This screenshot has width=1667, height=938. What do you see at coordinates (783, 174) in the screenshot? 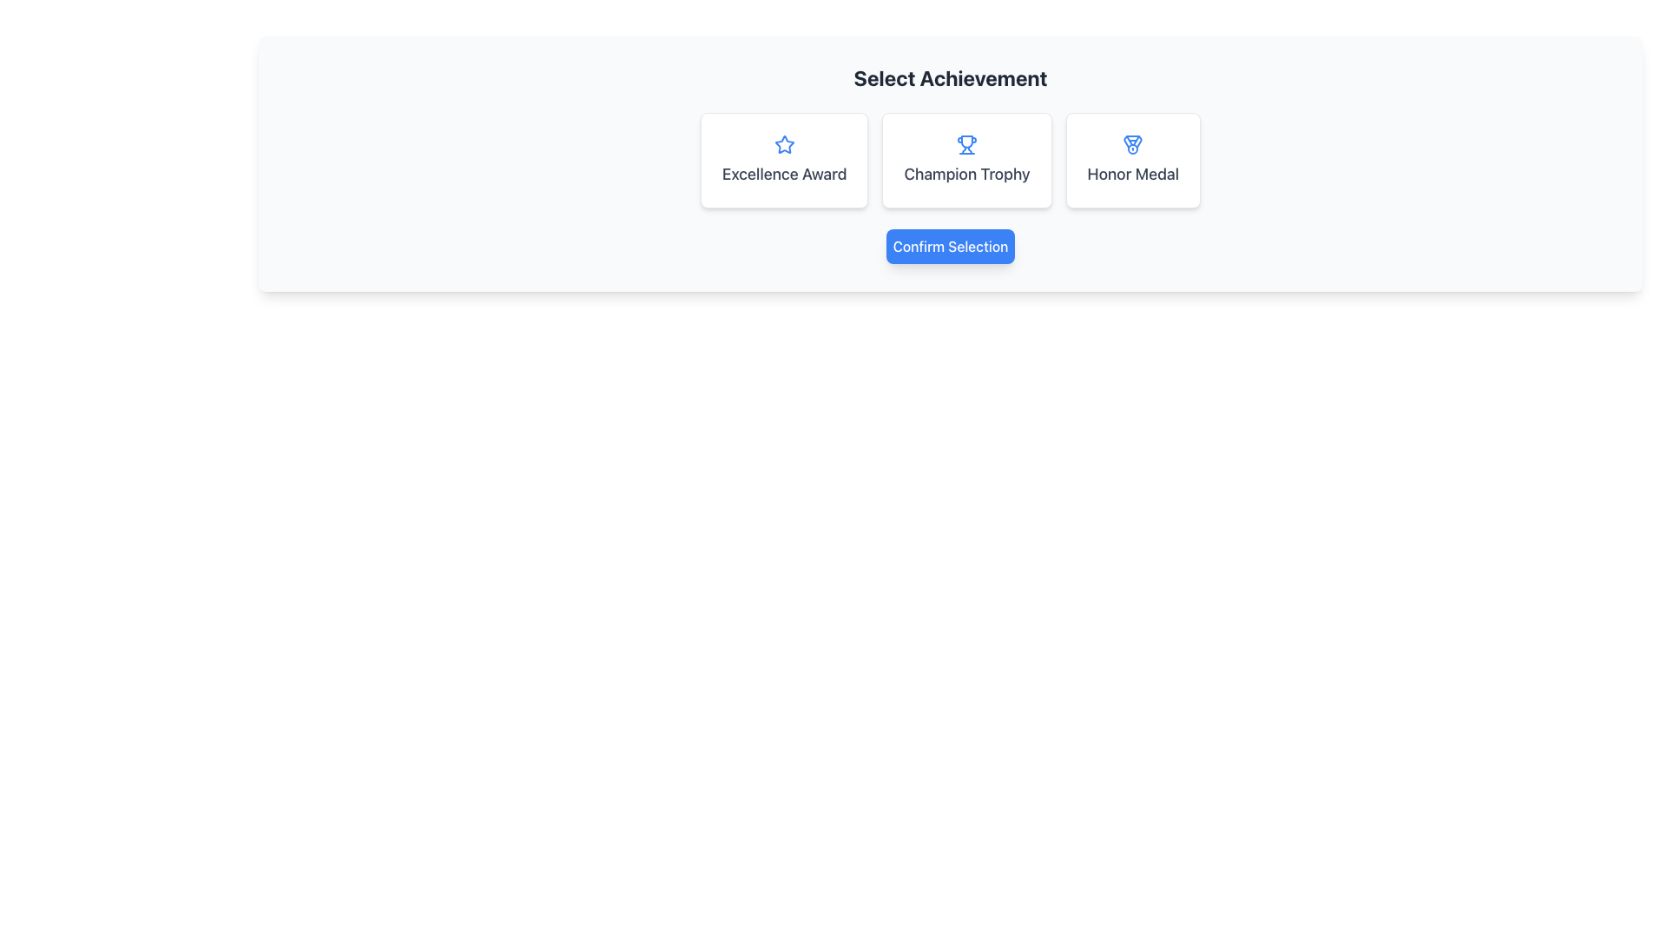
I see `the 'Excellence Award' text label, which is centrally aligned within the first card below the 'Select Achievement' heading` at bounding box center [783, 174].